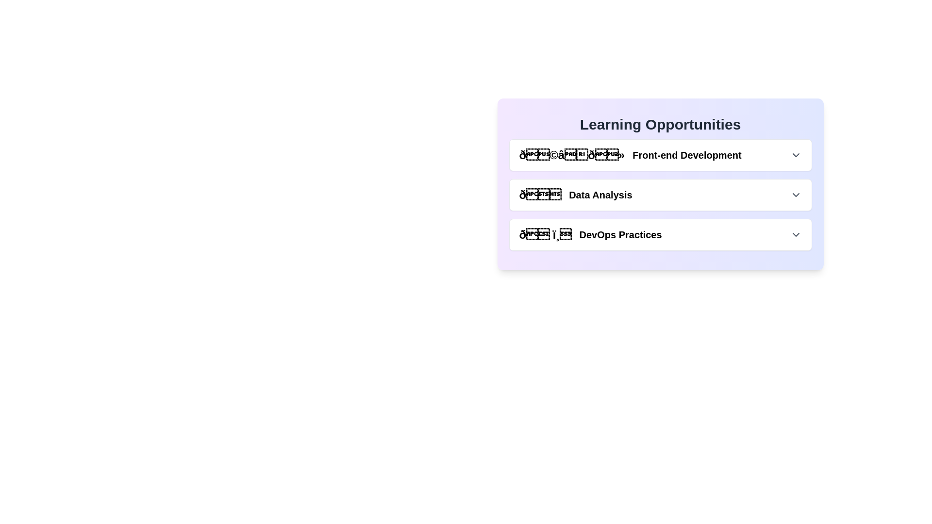 The height and width of the screenshot is (524, 932). What do you see at coordinates (796, 195) in the screenshot?
I see `the downward-pointing chevron icon located to the right of the 'Data Analysis' text` at bounding box center [796, 195].